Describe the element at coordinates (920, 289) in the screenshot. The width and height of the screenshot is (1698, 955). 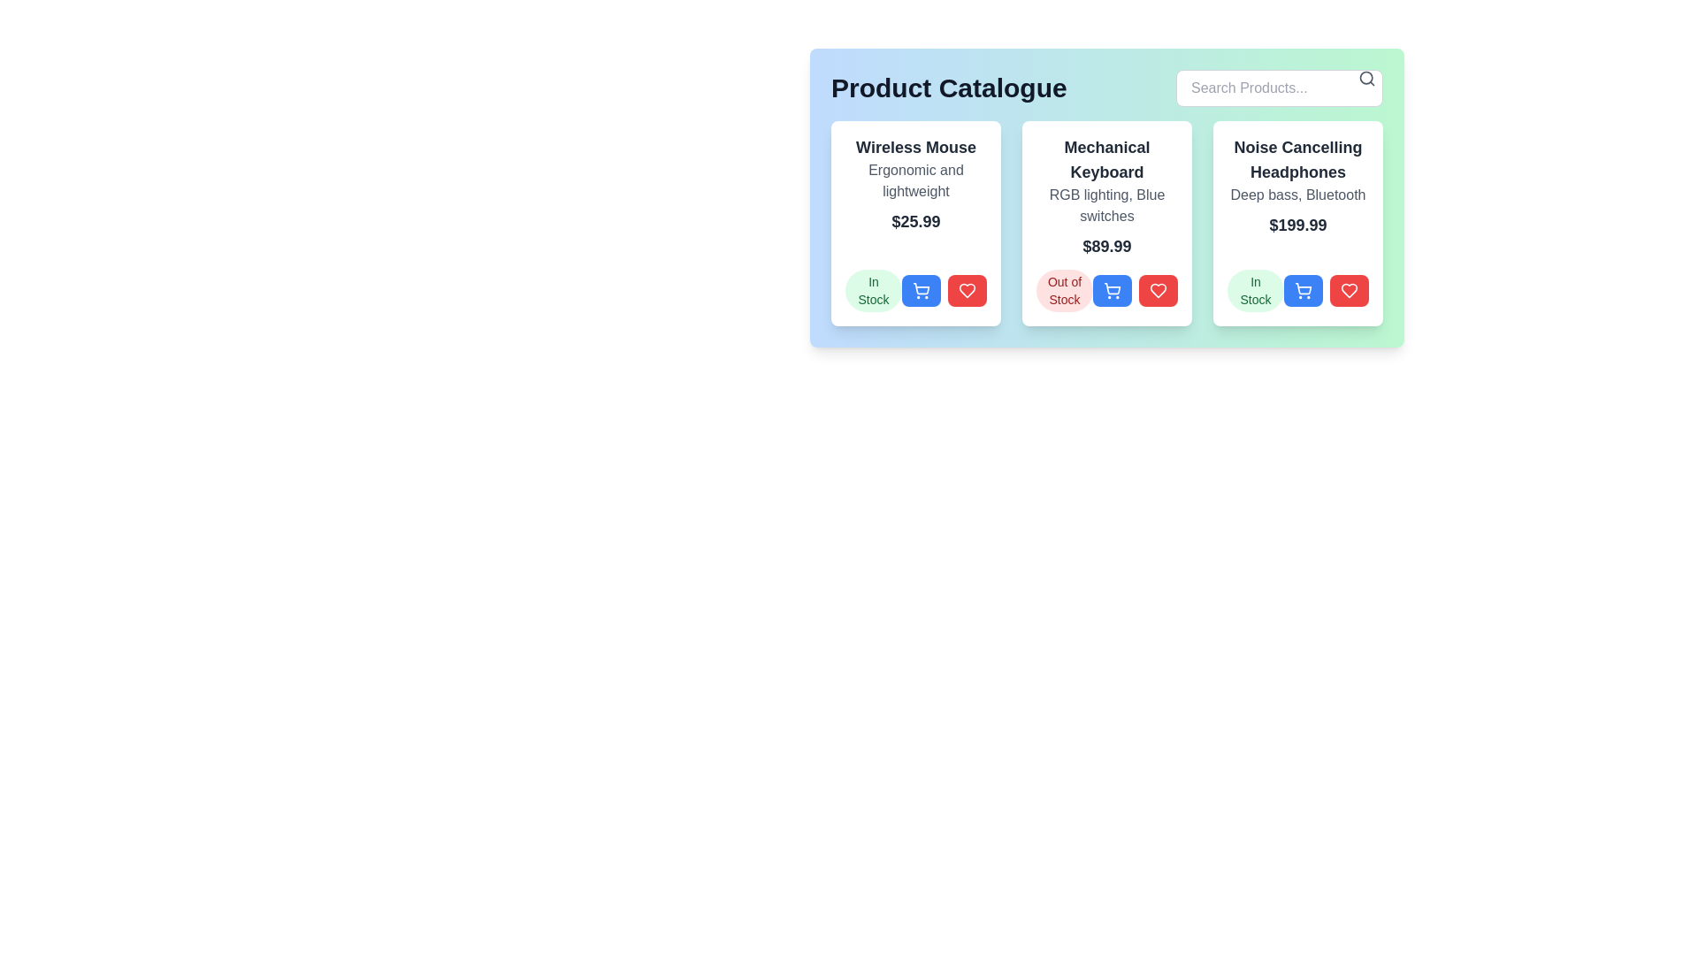
I see `the 'Add to Cart' button located at the bottom section of the 'Wireless Mouse' card to observe the hover effect` at that location.